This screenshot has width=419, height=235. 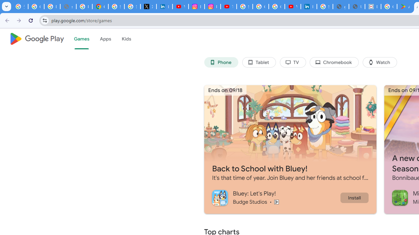 I want to click on 'Privacy Help Center - Policies Help', so click(x=84, y=7).